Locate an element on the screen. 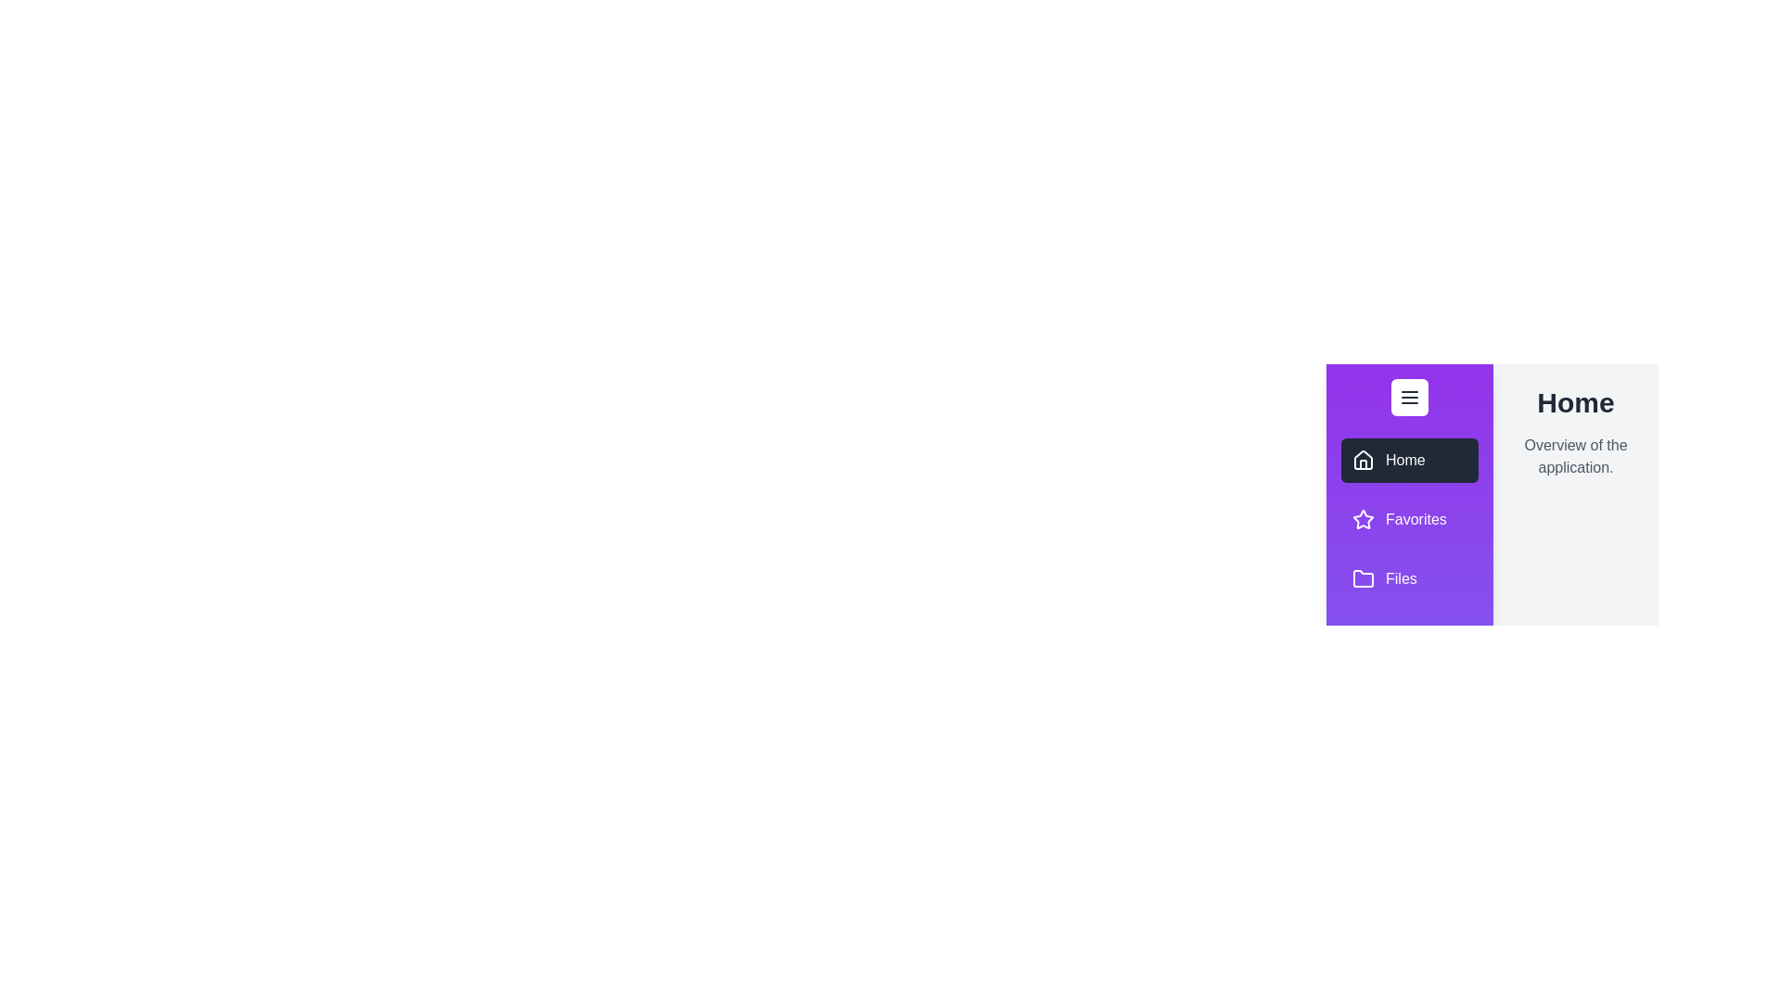 The image size is (1781, 1001). the tab Home in the drawer is located at coordinates (1410, 460).